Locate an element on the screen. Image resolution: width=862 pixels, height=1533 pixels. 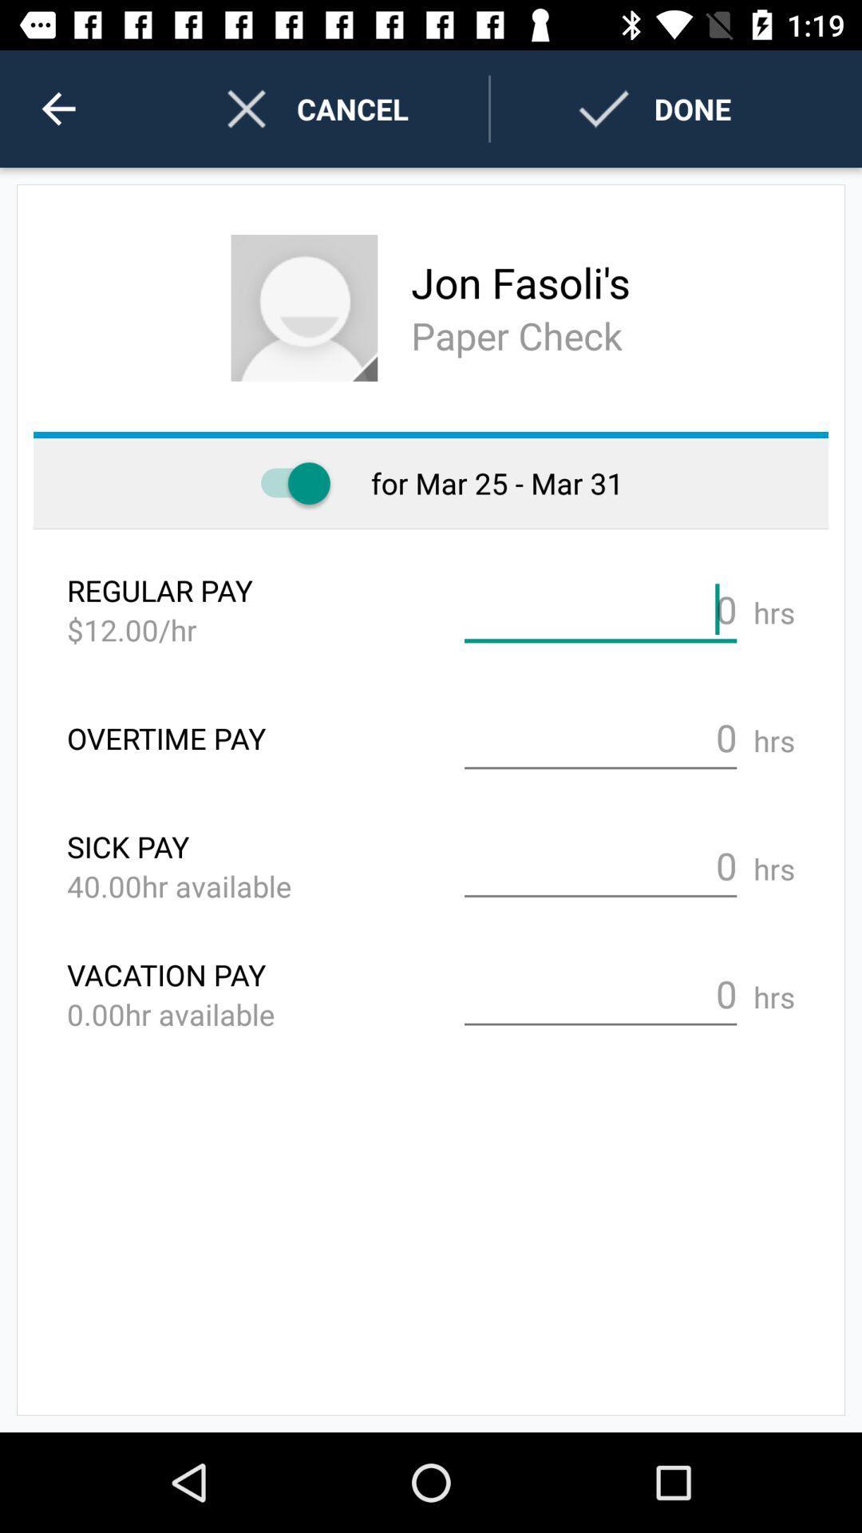
opens entry box for sick pay hours is located at coordinates (600, 866).